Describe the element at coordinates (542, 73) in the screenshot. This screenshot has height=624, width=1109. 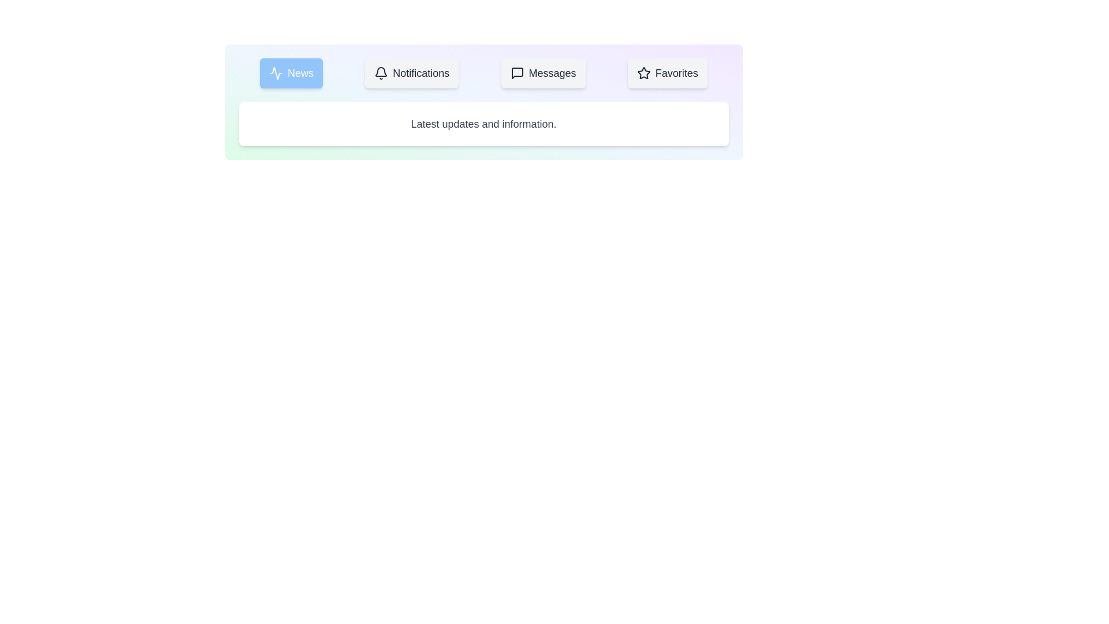
I see `the tab labeled Messages` at that location.